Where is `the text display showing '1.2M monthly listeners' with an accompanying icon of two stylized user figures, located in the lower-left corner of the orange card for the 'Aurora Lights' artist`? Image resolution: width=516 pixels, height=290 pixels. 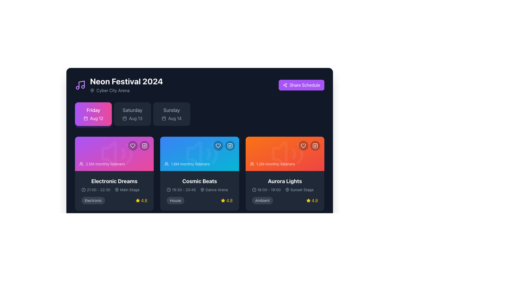 the text display showing '1.2M monthly listeners' with an accompanying icon of two stylized user figures, located in the lower-left corner of the orange card for the 'Aurora Lights' artist is located at coordinates (272, 164).